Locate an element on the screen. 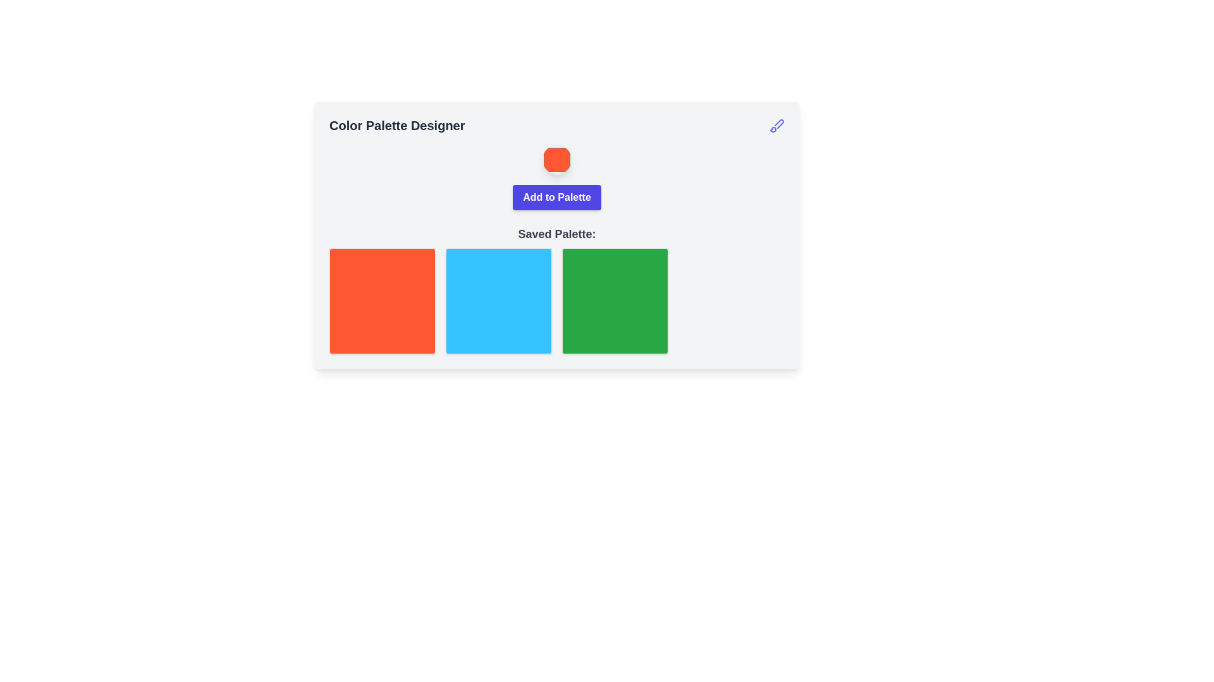 This screenshot has height=682, width=1214. text from the text label that displays 'Saved Palette:' located centrally below the 'Add to Palette' button and above the color grid is located at coordinates (556, 234).